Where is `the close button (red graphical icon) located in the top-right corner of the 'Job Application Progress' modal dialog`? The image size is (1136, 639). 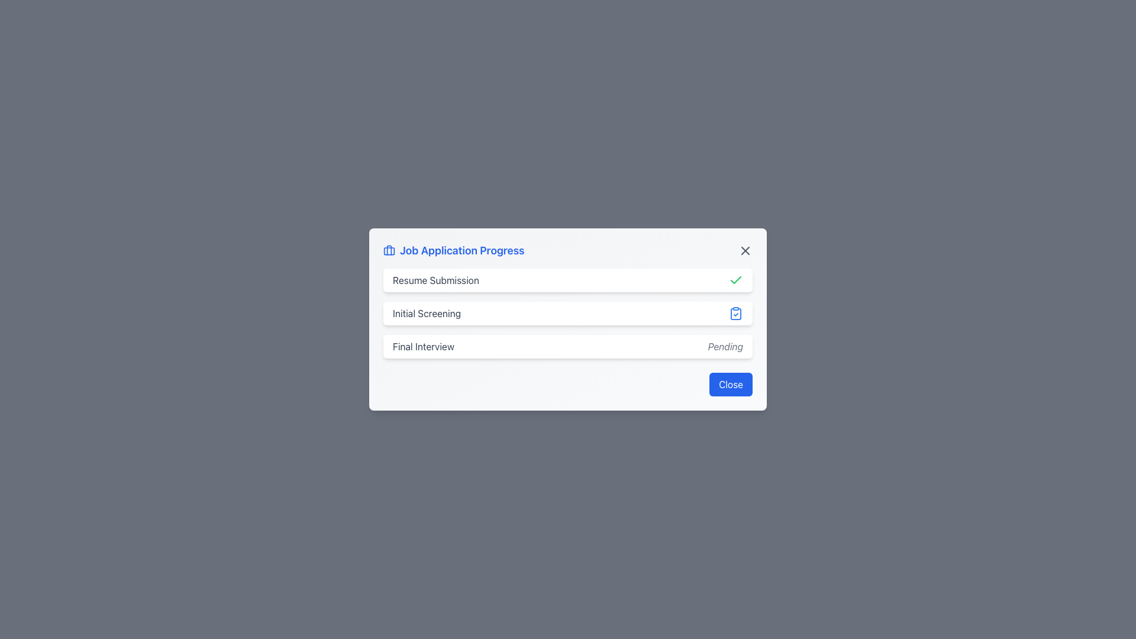
the close button (red graphical icon) located in the top-right corner of the 'Job Application Progress' modal dialog is located at coordinates (744, 250).